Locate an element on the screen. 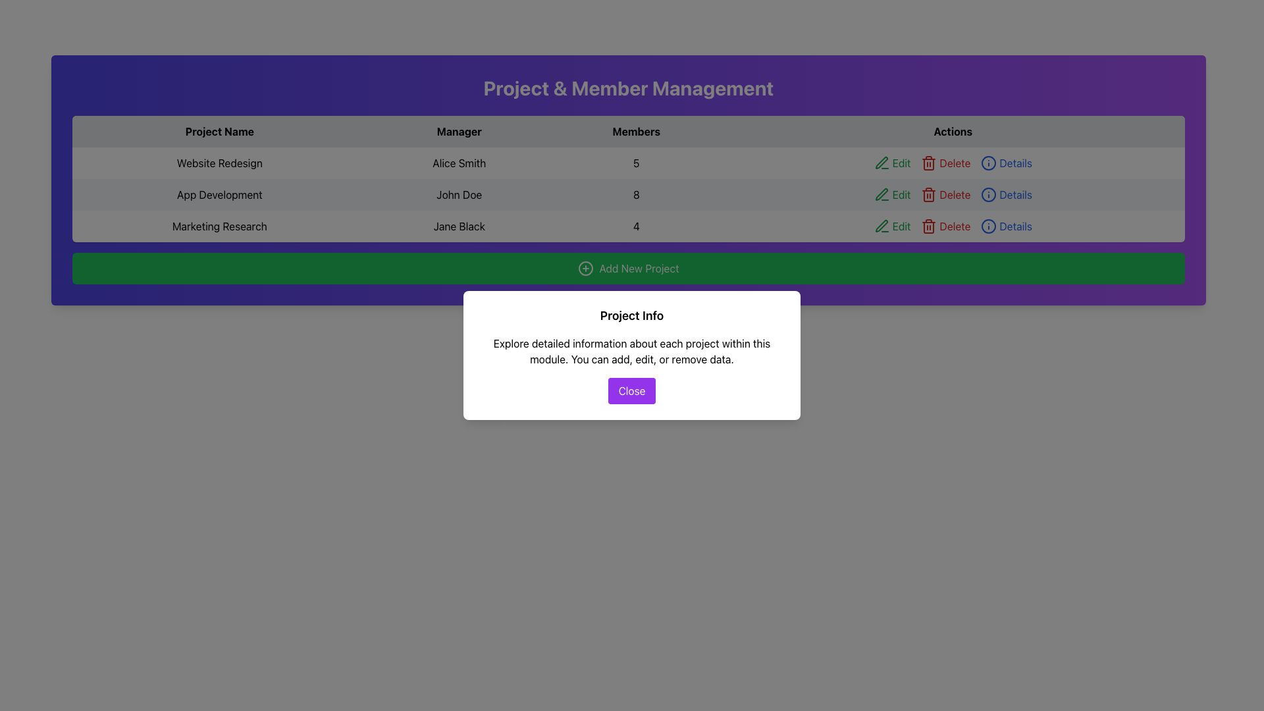 The image size is (1264, 711). the text label displaying 'Jane Black' which is located in the second column of the third row of the table under the header 'Manager' is located at coordinates (459, 225).